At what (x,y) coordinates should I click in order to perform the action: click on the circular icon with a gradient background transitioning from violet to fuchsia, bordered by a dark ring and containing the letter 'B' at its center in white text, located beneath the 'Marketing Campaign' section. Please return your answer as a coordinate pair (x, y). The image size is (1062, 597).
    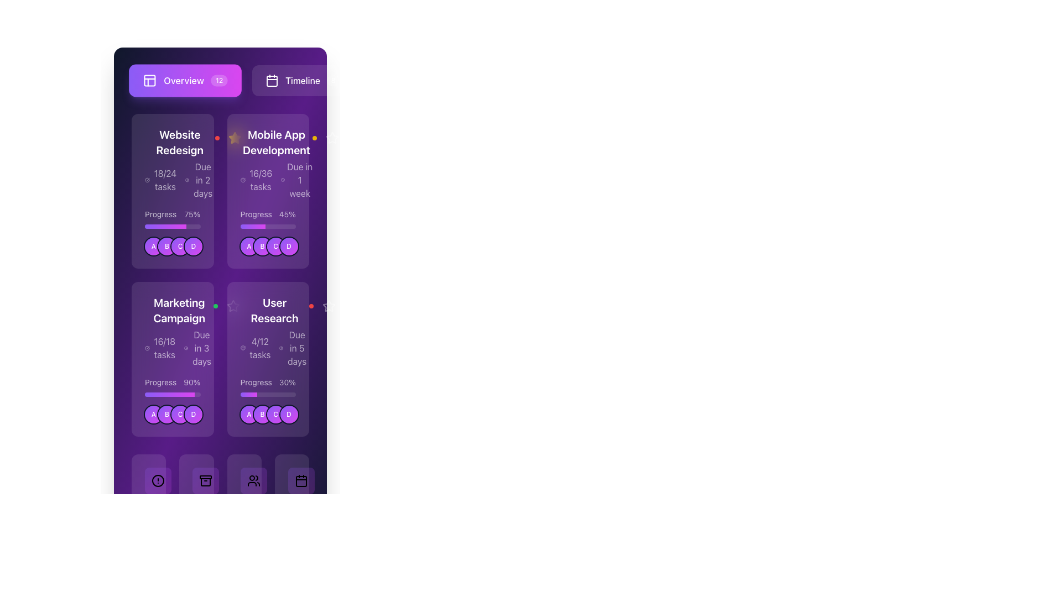
    Looking at the image, I should click on (166, 414).